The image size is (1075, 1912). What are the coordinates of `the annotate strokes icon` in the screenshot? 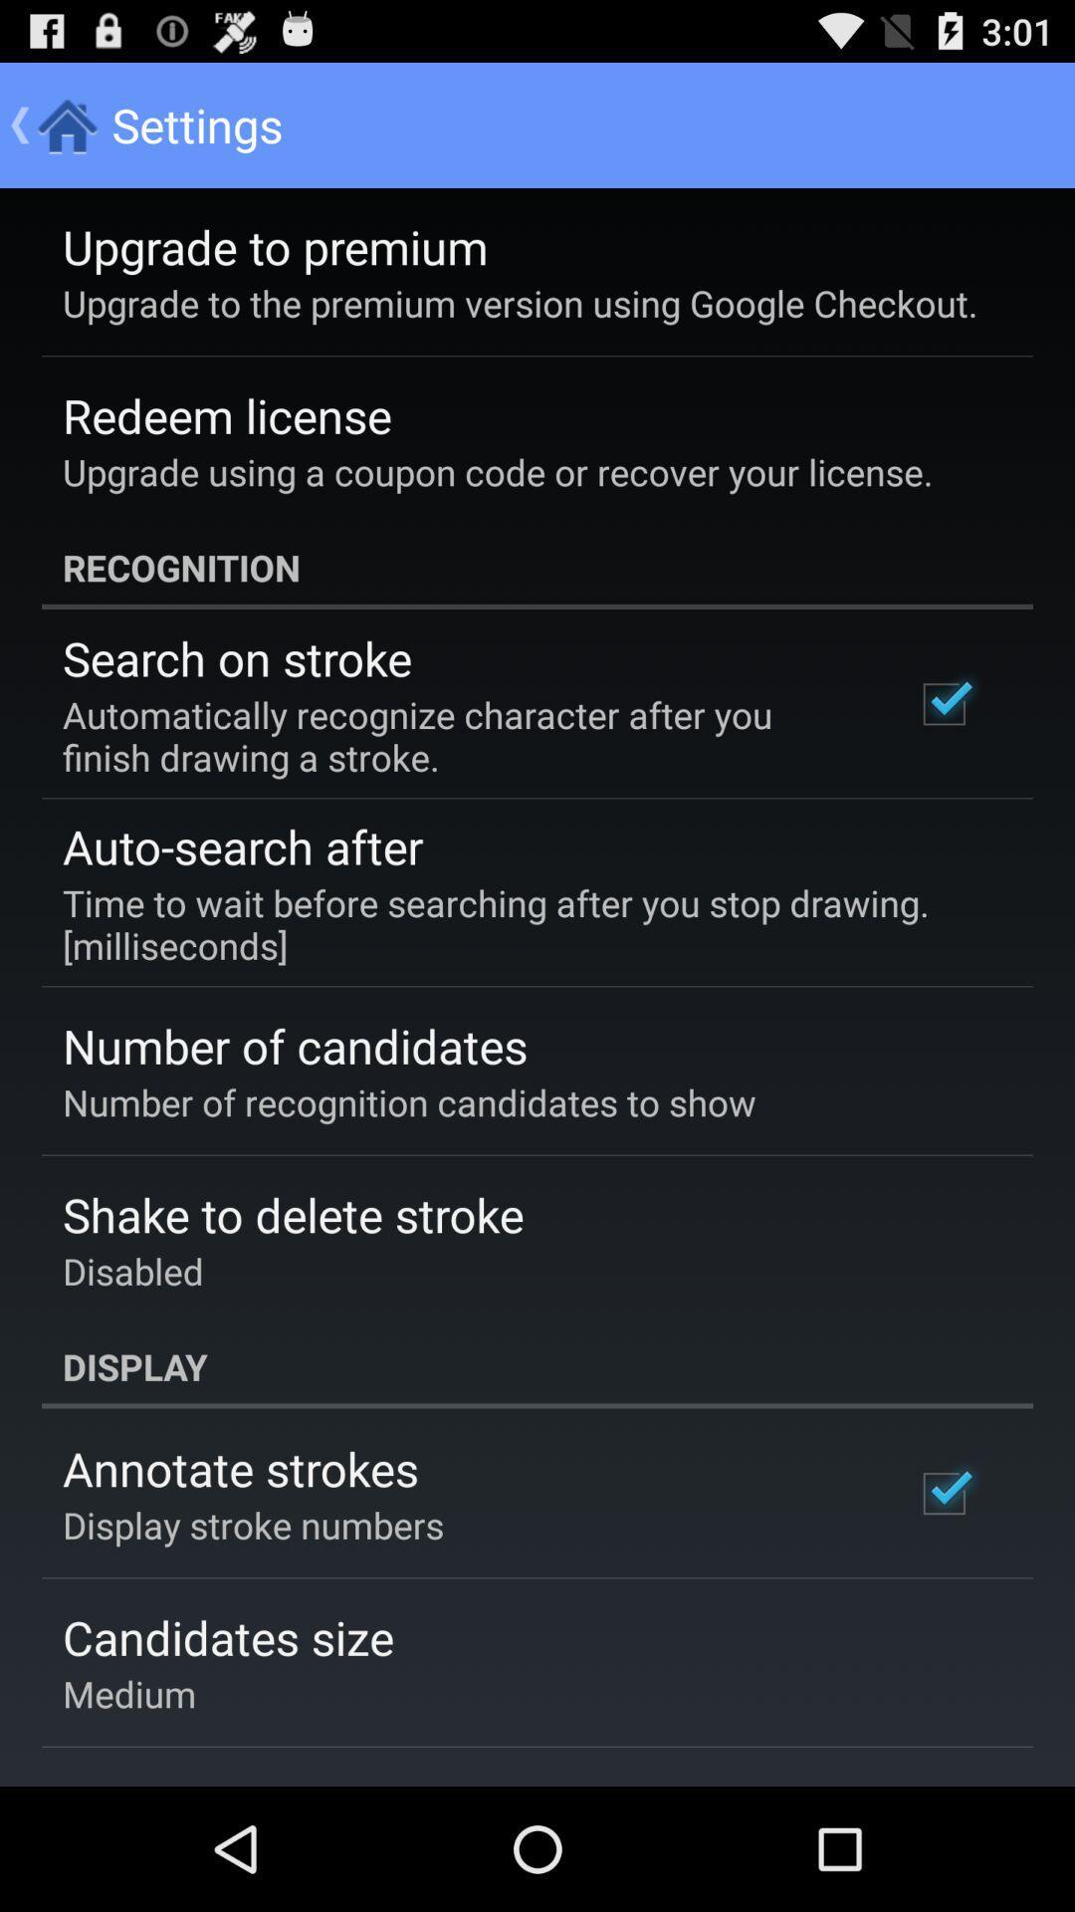 It's located at (239, 1468).